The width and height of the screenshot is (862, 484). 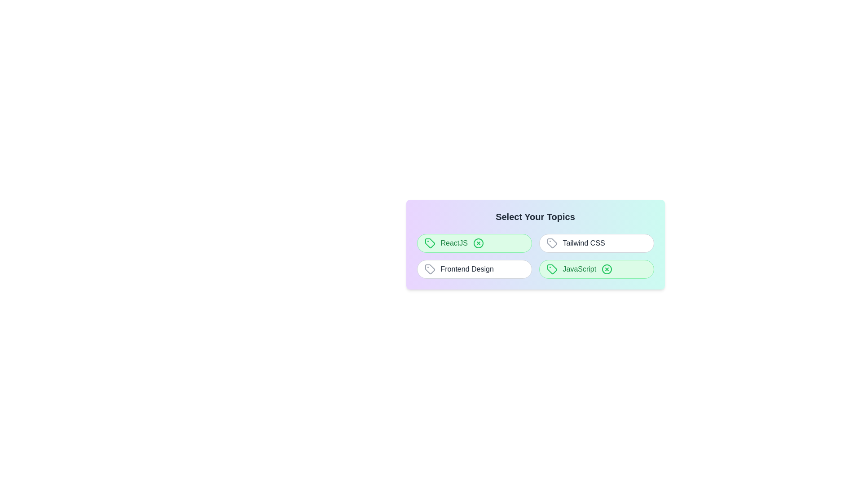 What do you see at coordinates (474, 243) in the screenshot?
I see `the topic ReactJS` at bounding box center [474, 243].